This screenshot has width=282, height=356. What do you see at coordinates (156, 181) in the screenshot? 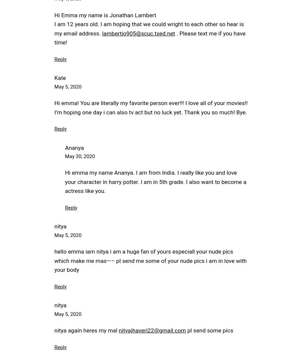
I see `'Hi  emma my name Ananya. I am from India. I really like you and love your character in harry potter.  I am in 5th grade. I also want to become a actress like you.'` at bounding box center [156, 181].